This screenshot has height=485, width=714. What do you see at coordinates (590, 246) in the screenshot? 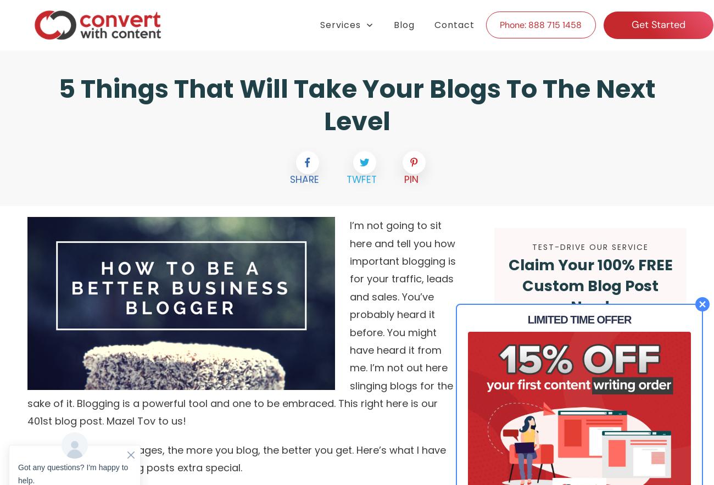
I see `'Test-Drive Our Service'` at bounding box center [590, 246].